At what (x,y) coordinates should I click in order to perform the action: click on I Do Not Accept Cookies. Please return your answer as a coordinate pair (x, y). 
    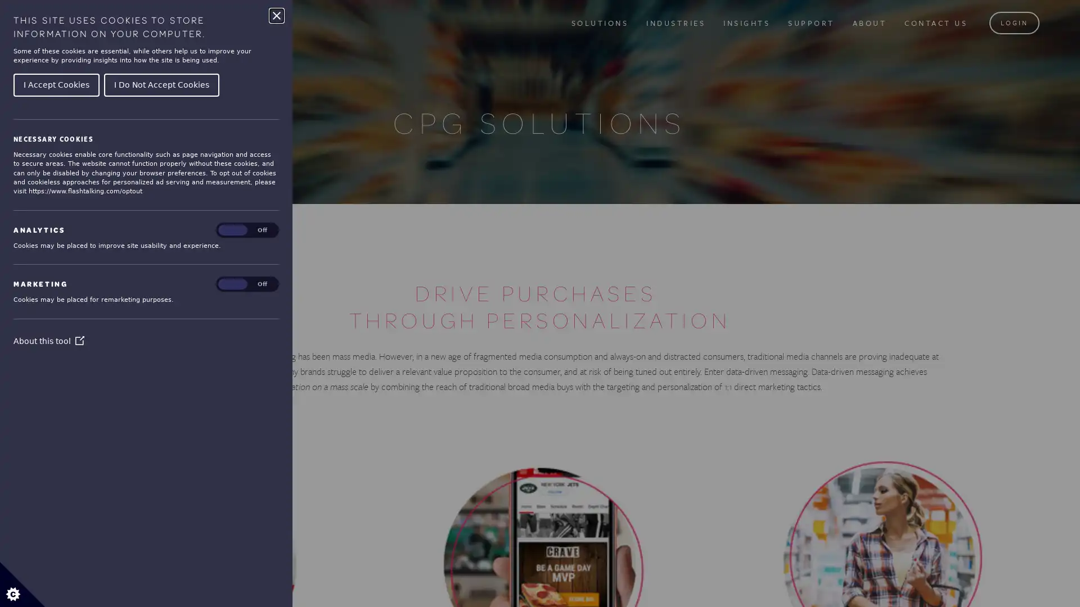
    Looking at the image, I should click on (161, 84).